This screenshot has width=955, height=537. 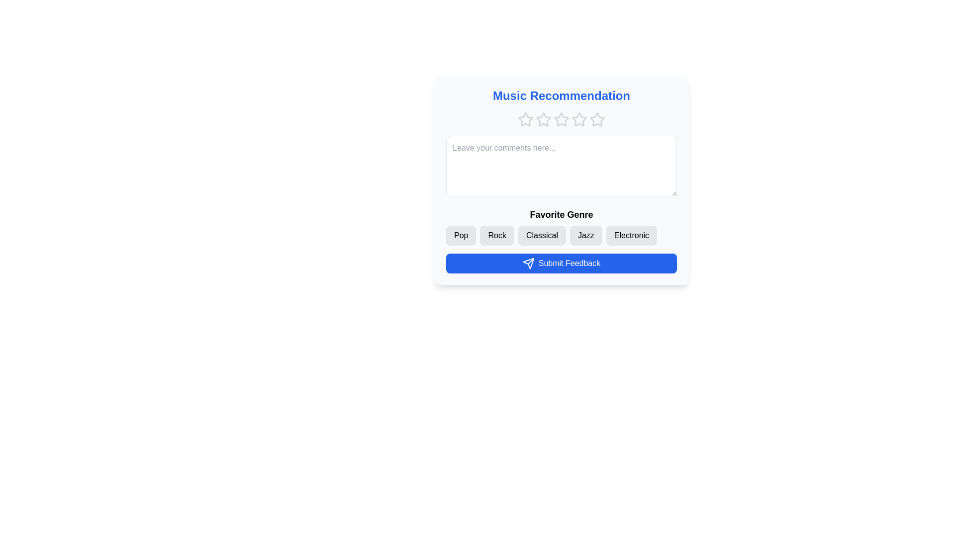 I want to click on the 'Rock' button, which is the second button in a horizontal group of five buttons representing musical genres, so click(x=497, y=236).